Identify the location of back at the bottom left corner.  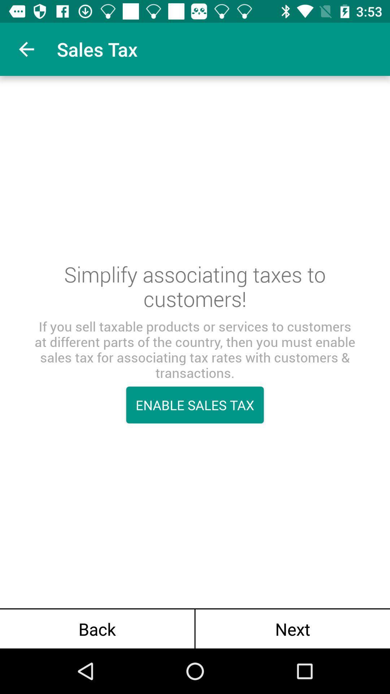
(97, 628).